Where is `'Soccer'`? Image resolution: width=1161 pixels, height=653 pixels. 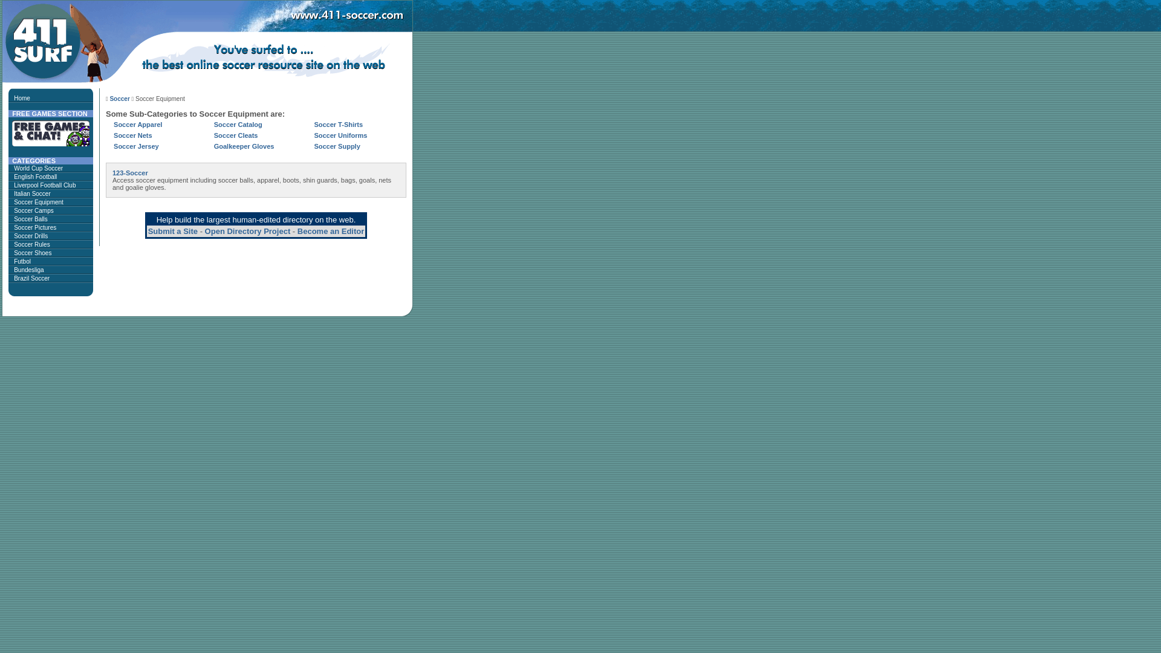 'Soccer' is located at coordinates (119, 98).